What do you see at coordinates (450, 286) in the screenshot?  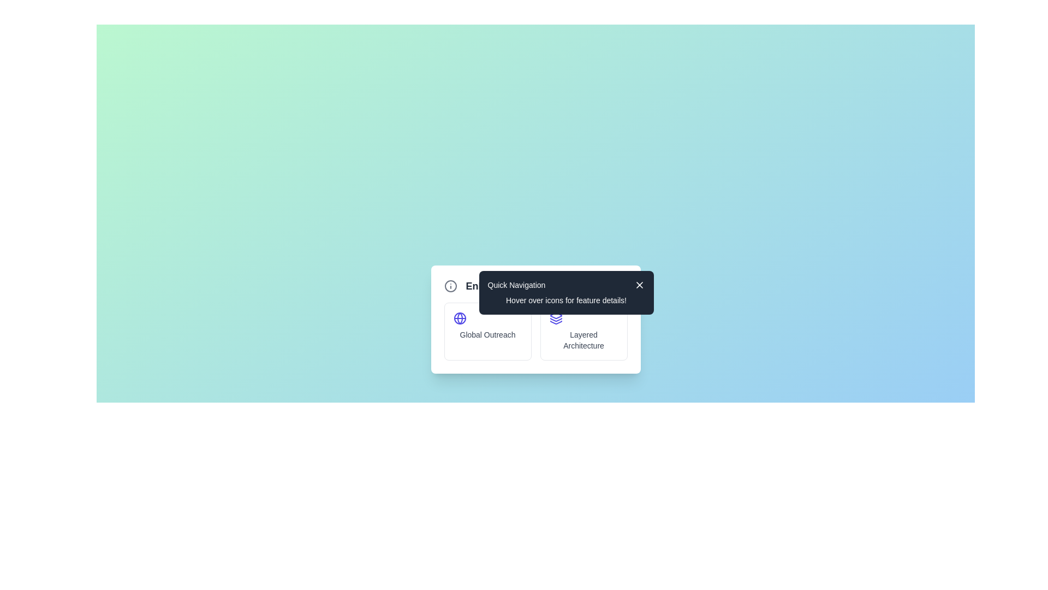 I see `the central circular component of the 'info' symbol in the SVG icon located on the right section of the tooltip labeled 'Quick Navigation'` at bounding box center [450, 286].